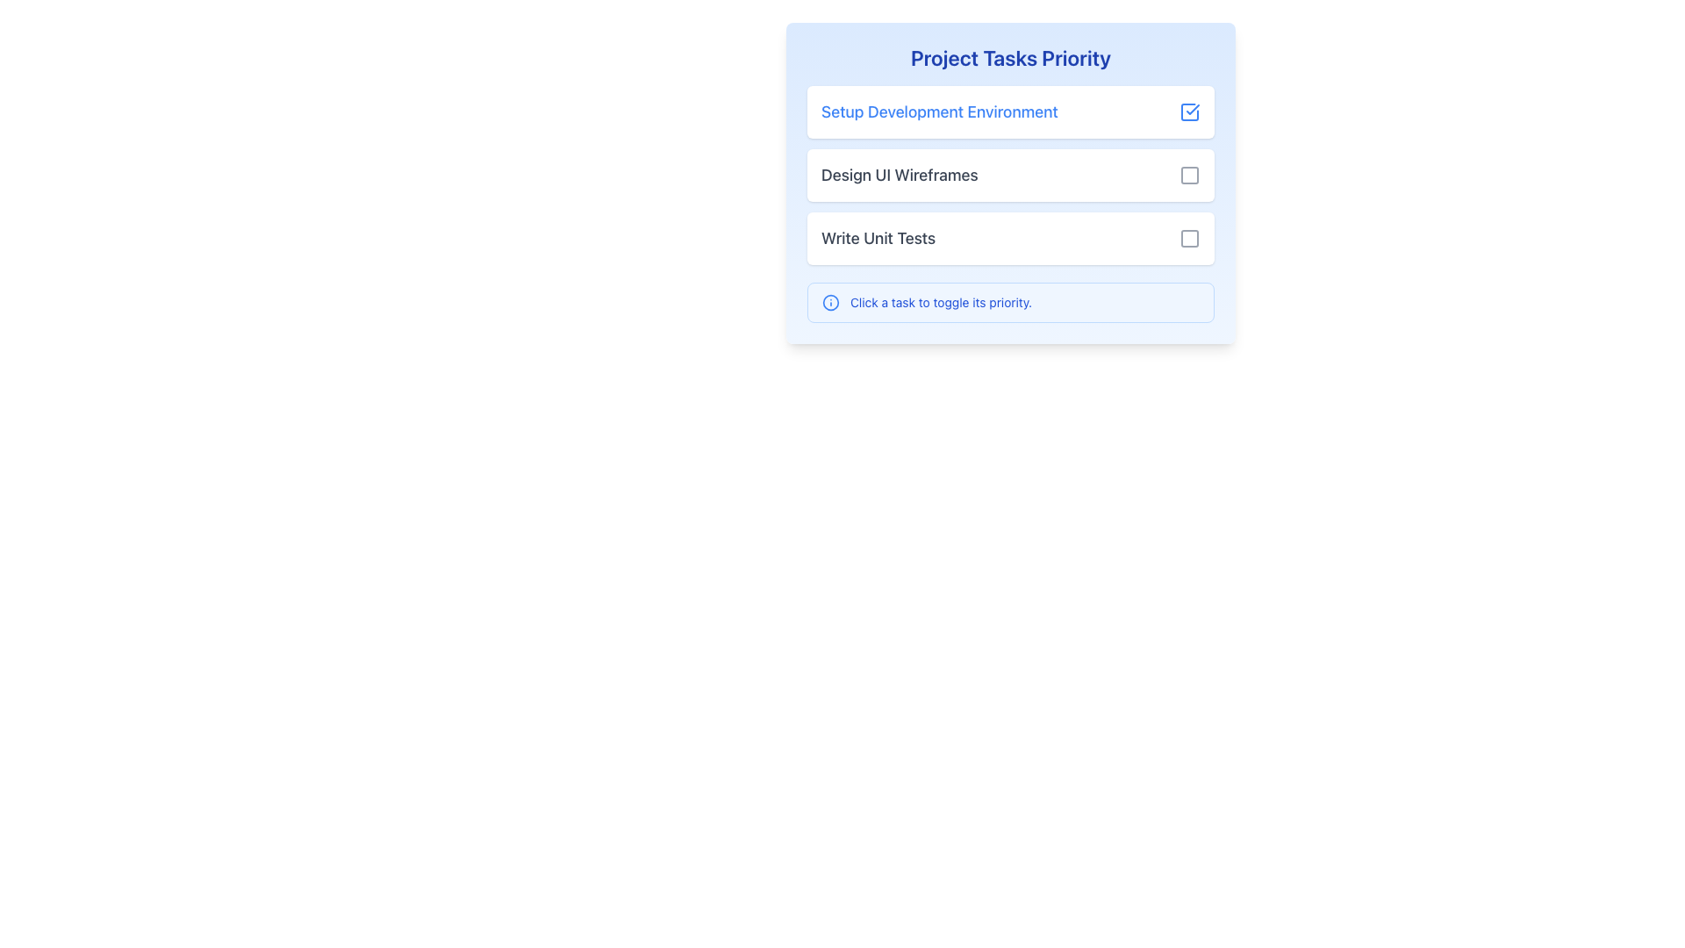 This screenshot has width=1685, height=948. Describe the element at coordinates (1011, 183) in the screenshot. I see `the checkbox of the task item labeled 'Design UI Wireframes' to mark it as selected or deselected` at that location.